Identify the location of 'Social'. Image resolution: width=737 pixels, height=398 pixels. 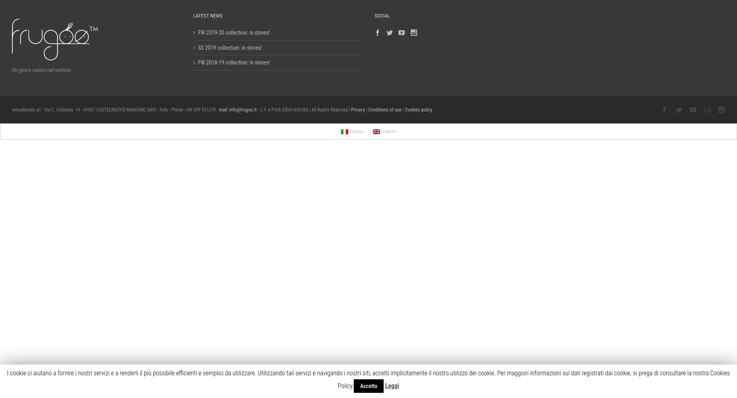
(382, 16).